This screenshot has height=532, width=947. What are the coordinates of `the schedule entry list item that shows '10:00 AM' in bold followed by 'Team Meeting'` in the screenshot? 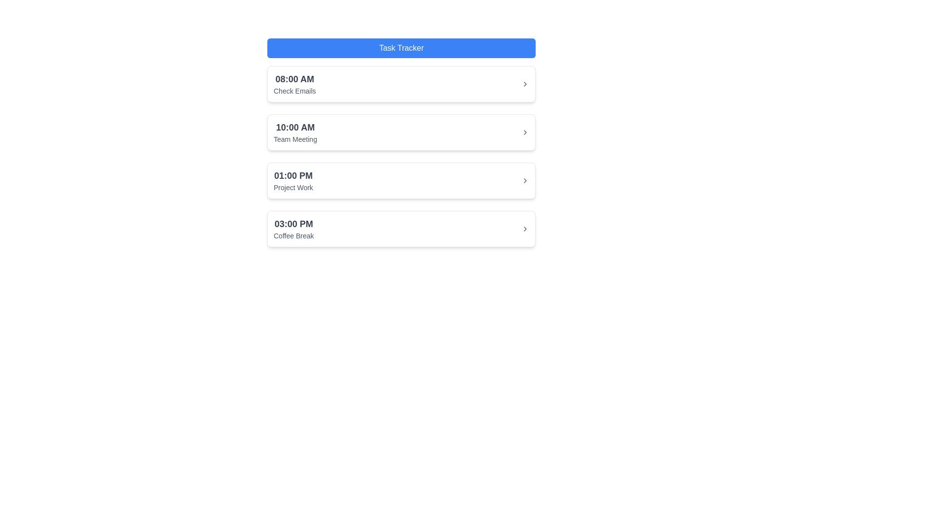 It's located at (401, 132).